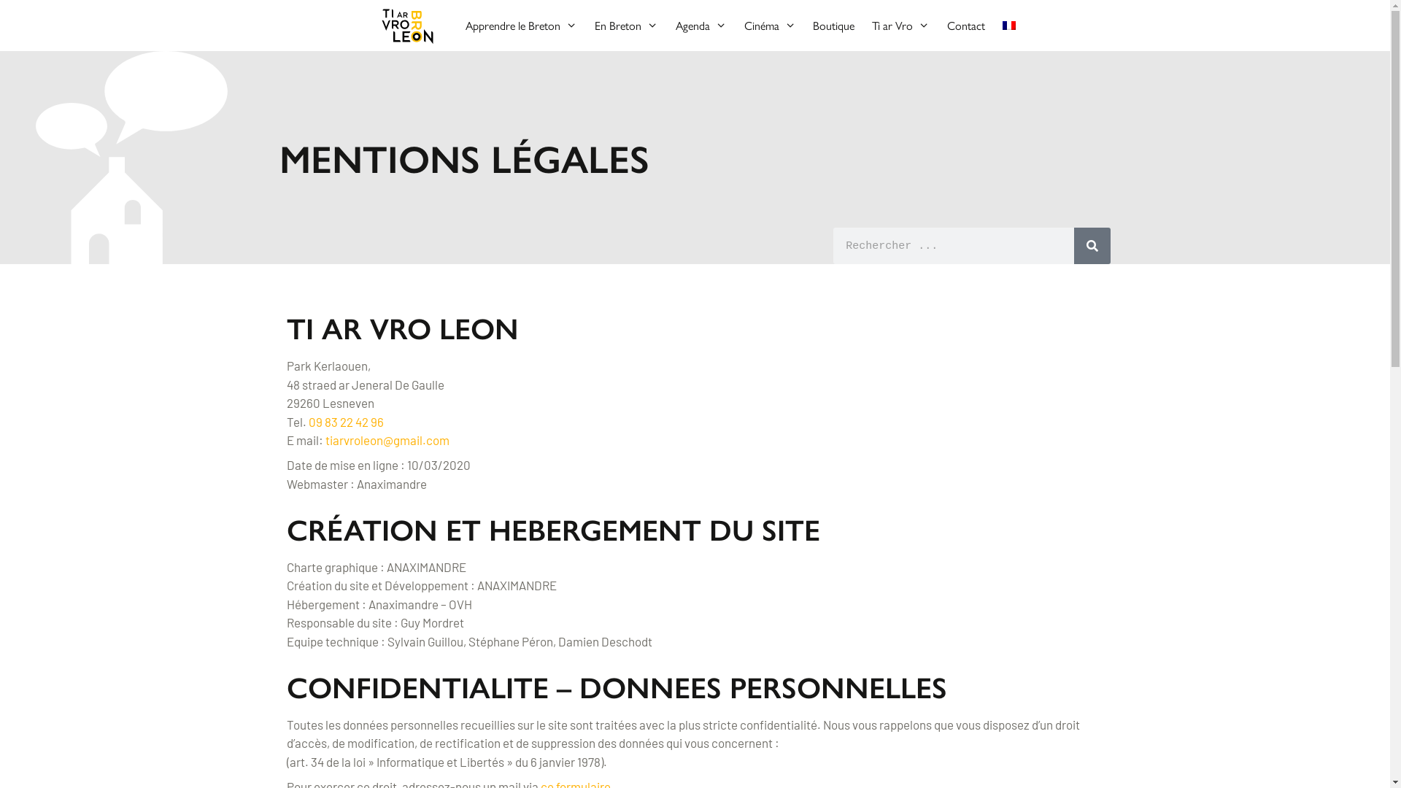 Image resolution: width=1401 pixels, height=788 pixels. What do you see at coordinates (700, 25) in the screenshot?
I see `'Agenda'` at bounding box center [700, 25].